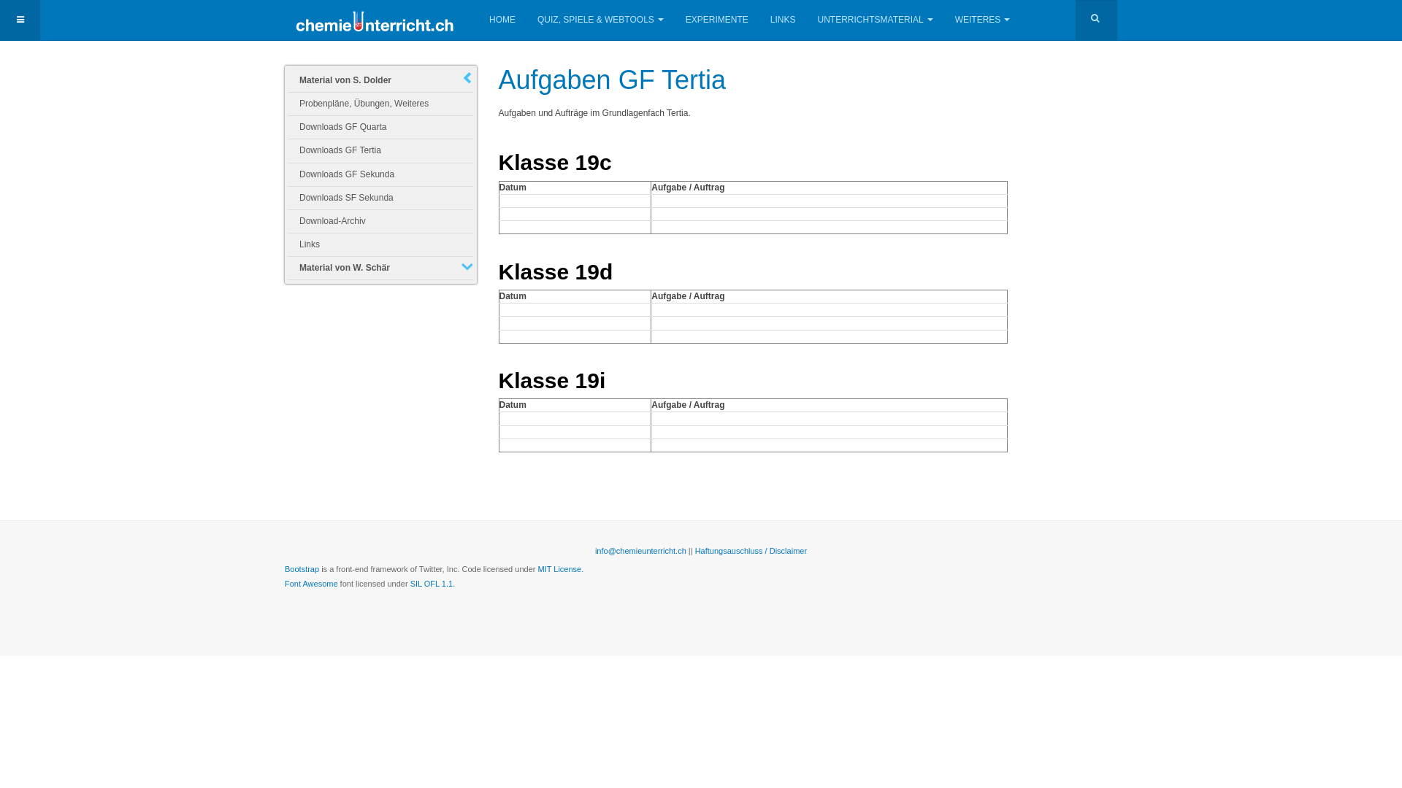 Image resolution: width=1402 pixels, height=788 pixels. What do you see at coordinates (612, 80) in the screenshot?
I see `'Aufgaben GF Tertia'` at bounding box center [612, 80].